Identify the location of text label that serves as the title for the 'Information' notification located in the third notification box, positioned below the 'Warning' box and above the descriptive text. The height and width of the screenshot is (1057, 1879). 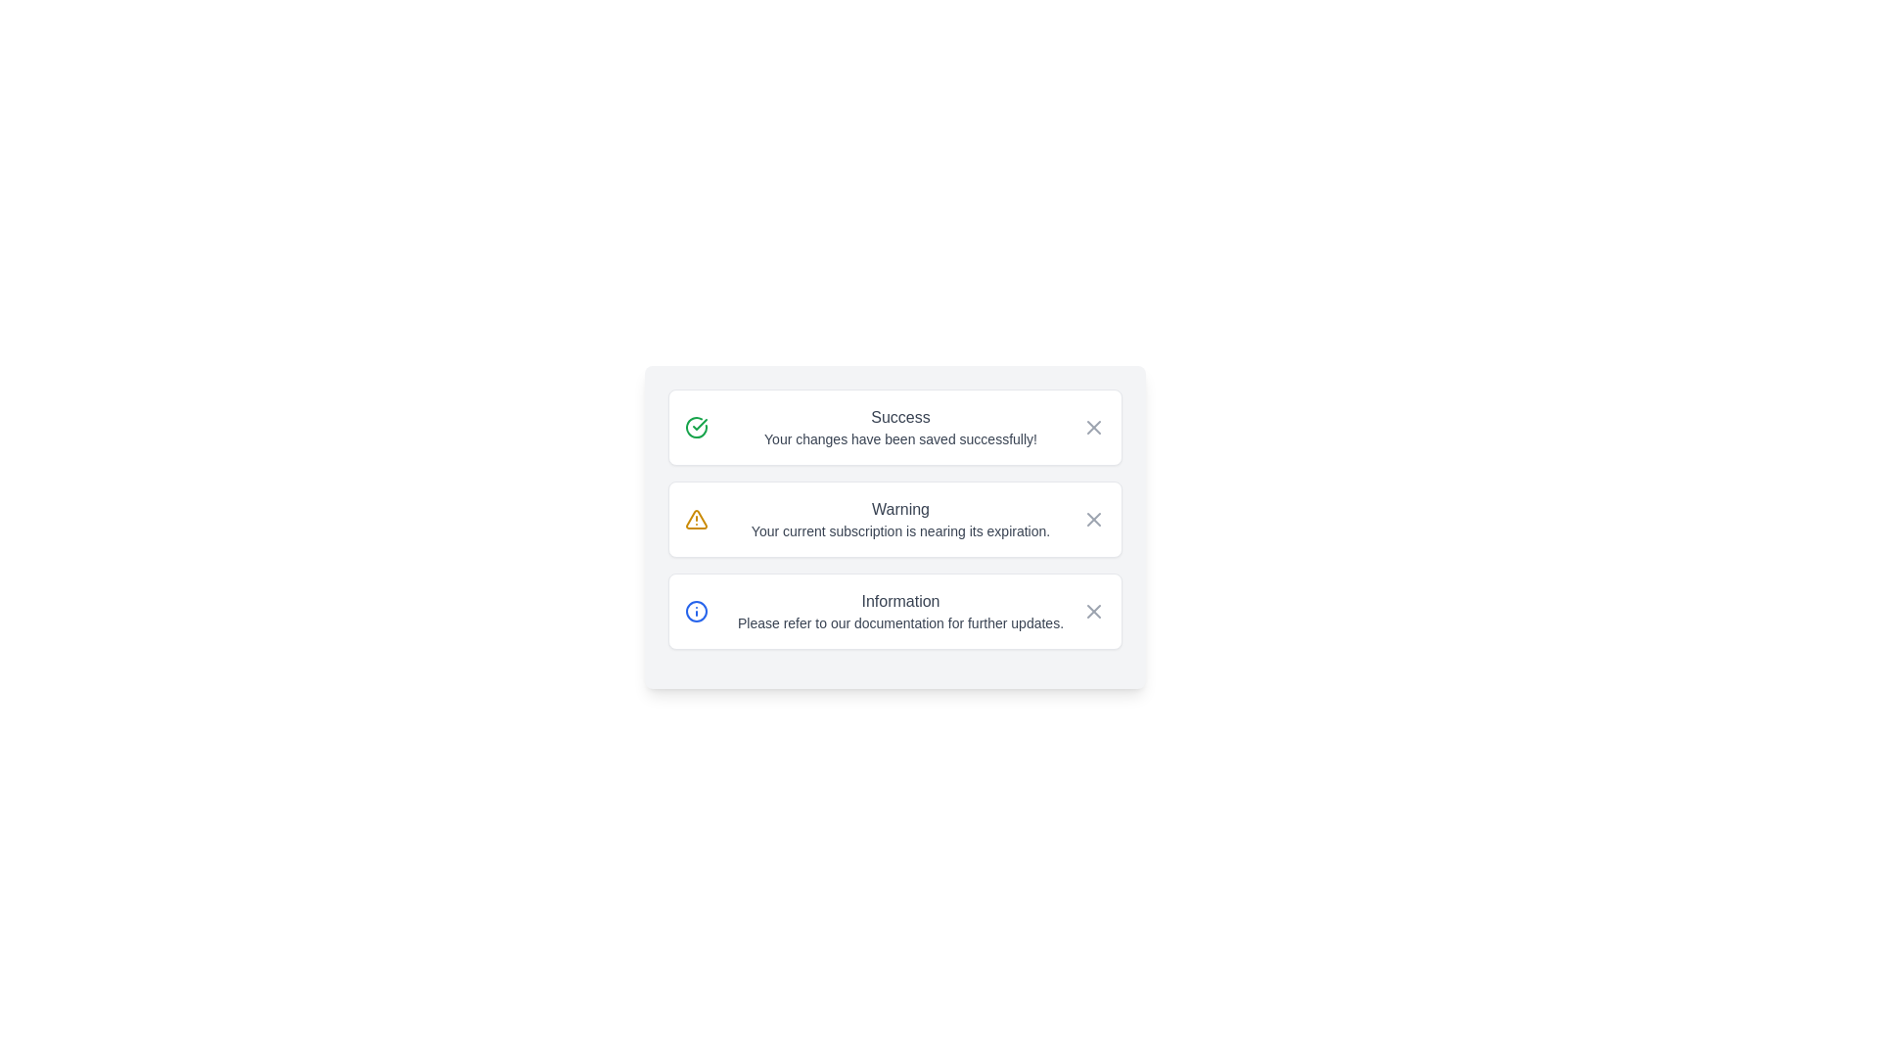
(899, 600).